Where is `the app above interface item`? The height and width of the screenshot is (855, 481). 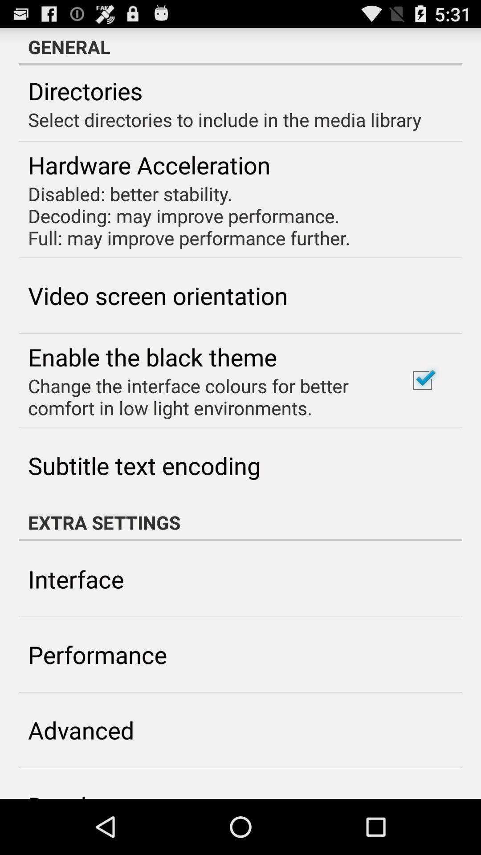
the app above interface item is located at coordinates (240, 522).